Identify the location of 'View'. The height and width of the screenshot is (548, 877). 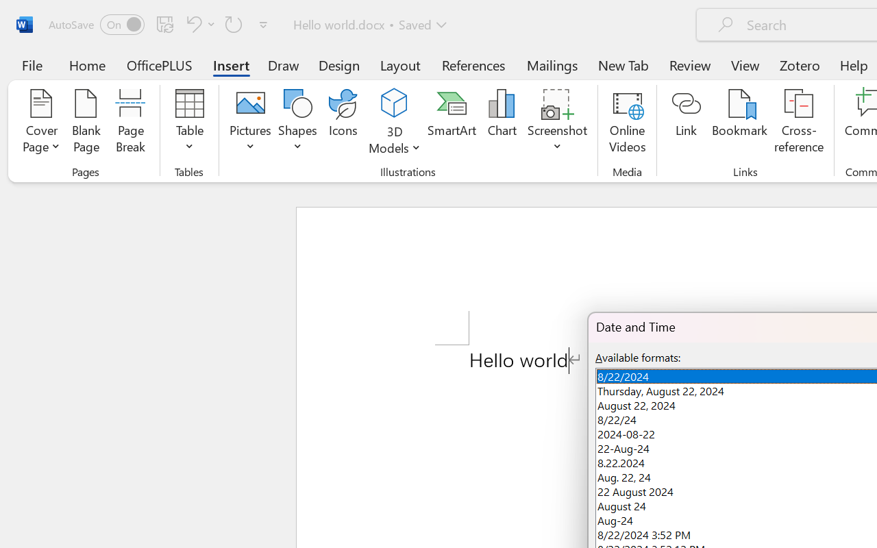
(745, 64).